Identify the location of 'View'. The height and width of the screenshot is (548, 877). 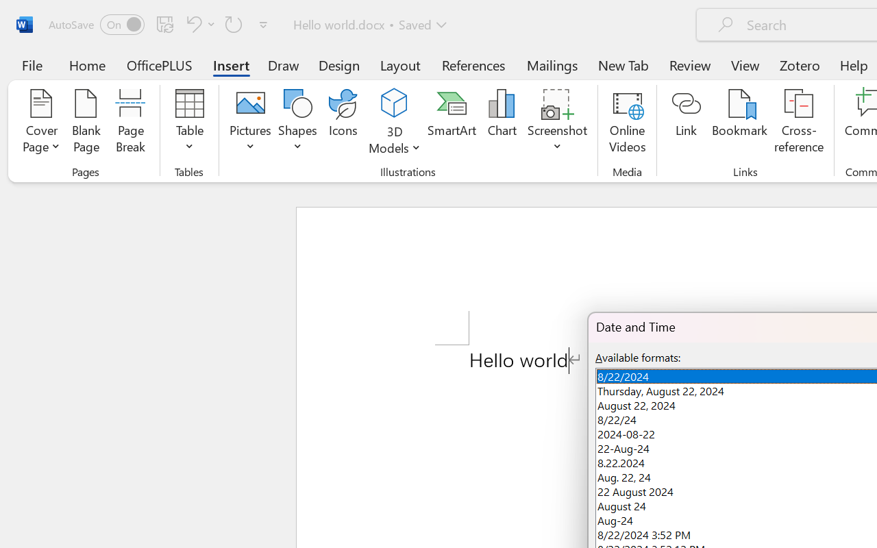
(745, 64).